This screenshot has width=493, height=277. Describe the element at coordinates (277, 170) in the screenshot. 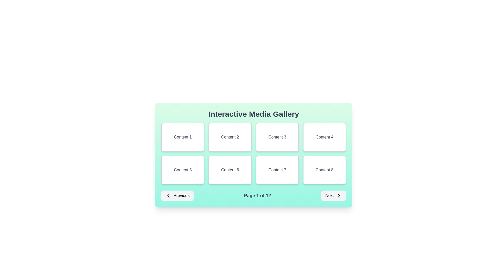

I see `the rectangular card with the text 'Content 7' centered within it, located in the second row, third column of the grid under the 'Interactive Media Gallery' header` at that location.